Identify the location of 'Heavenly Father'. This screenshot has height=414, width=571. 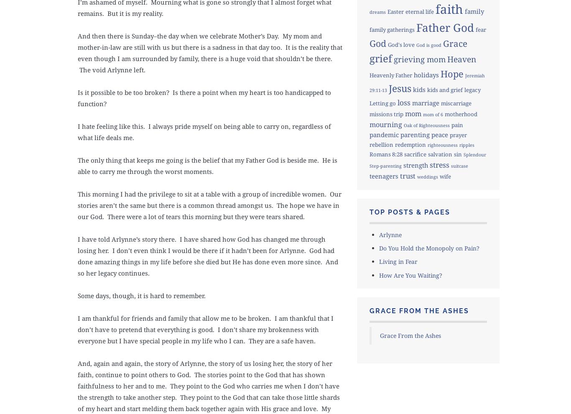
(390, 74).